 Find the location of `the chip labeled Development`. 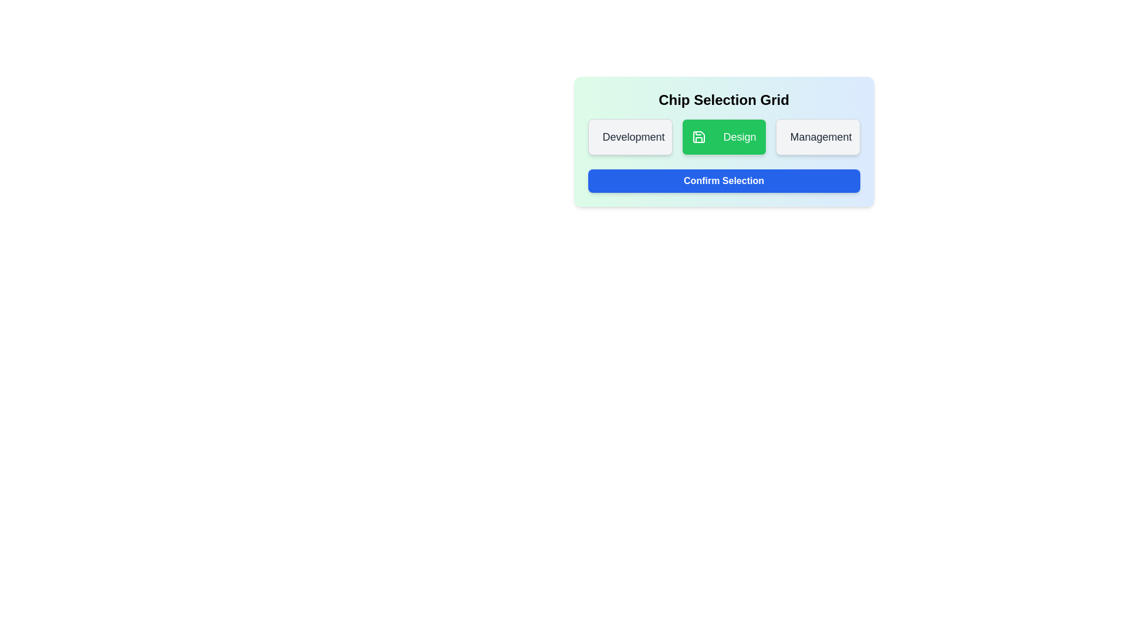

the chip labeled Development is located at coordinates (629, 137).